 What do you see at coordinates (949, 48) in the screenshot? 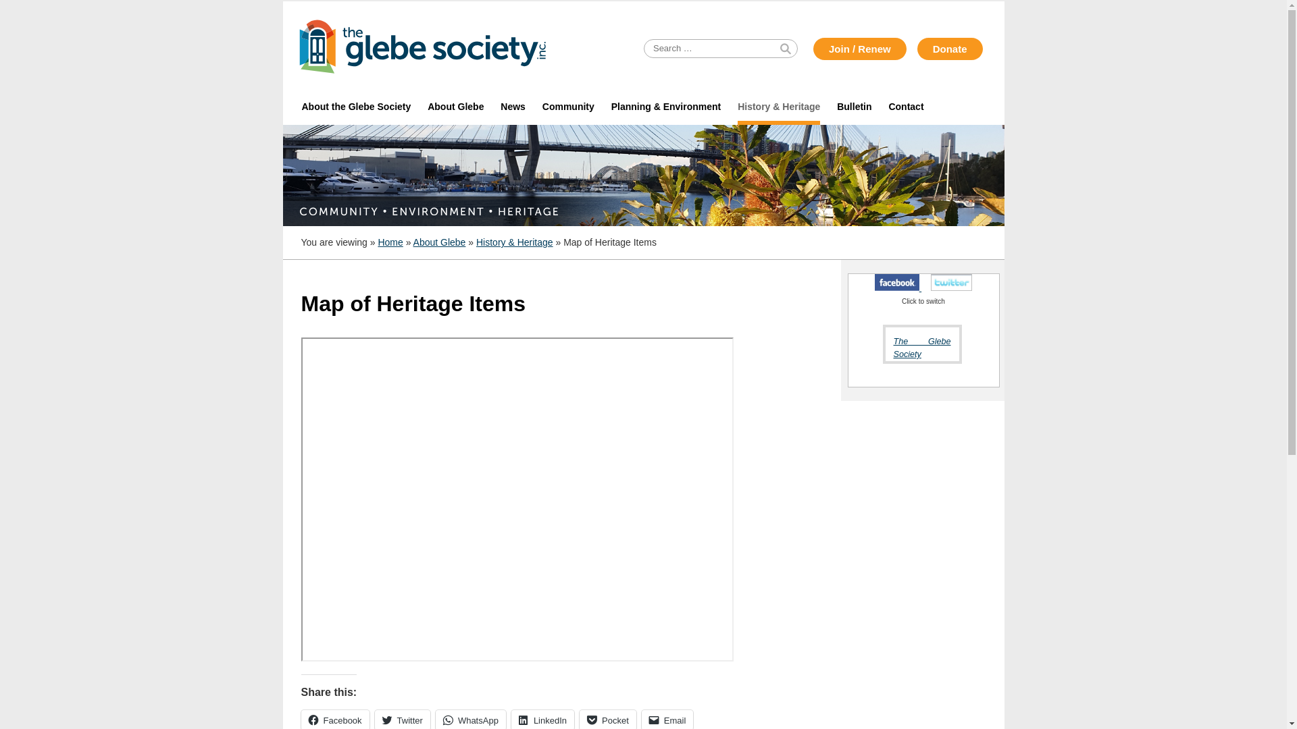
I see `'Donate'` at bounding box center [949, 48].